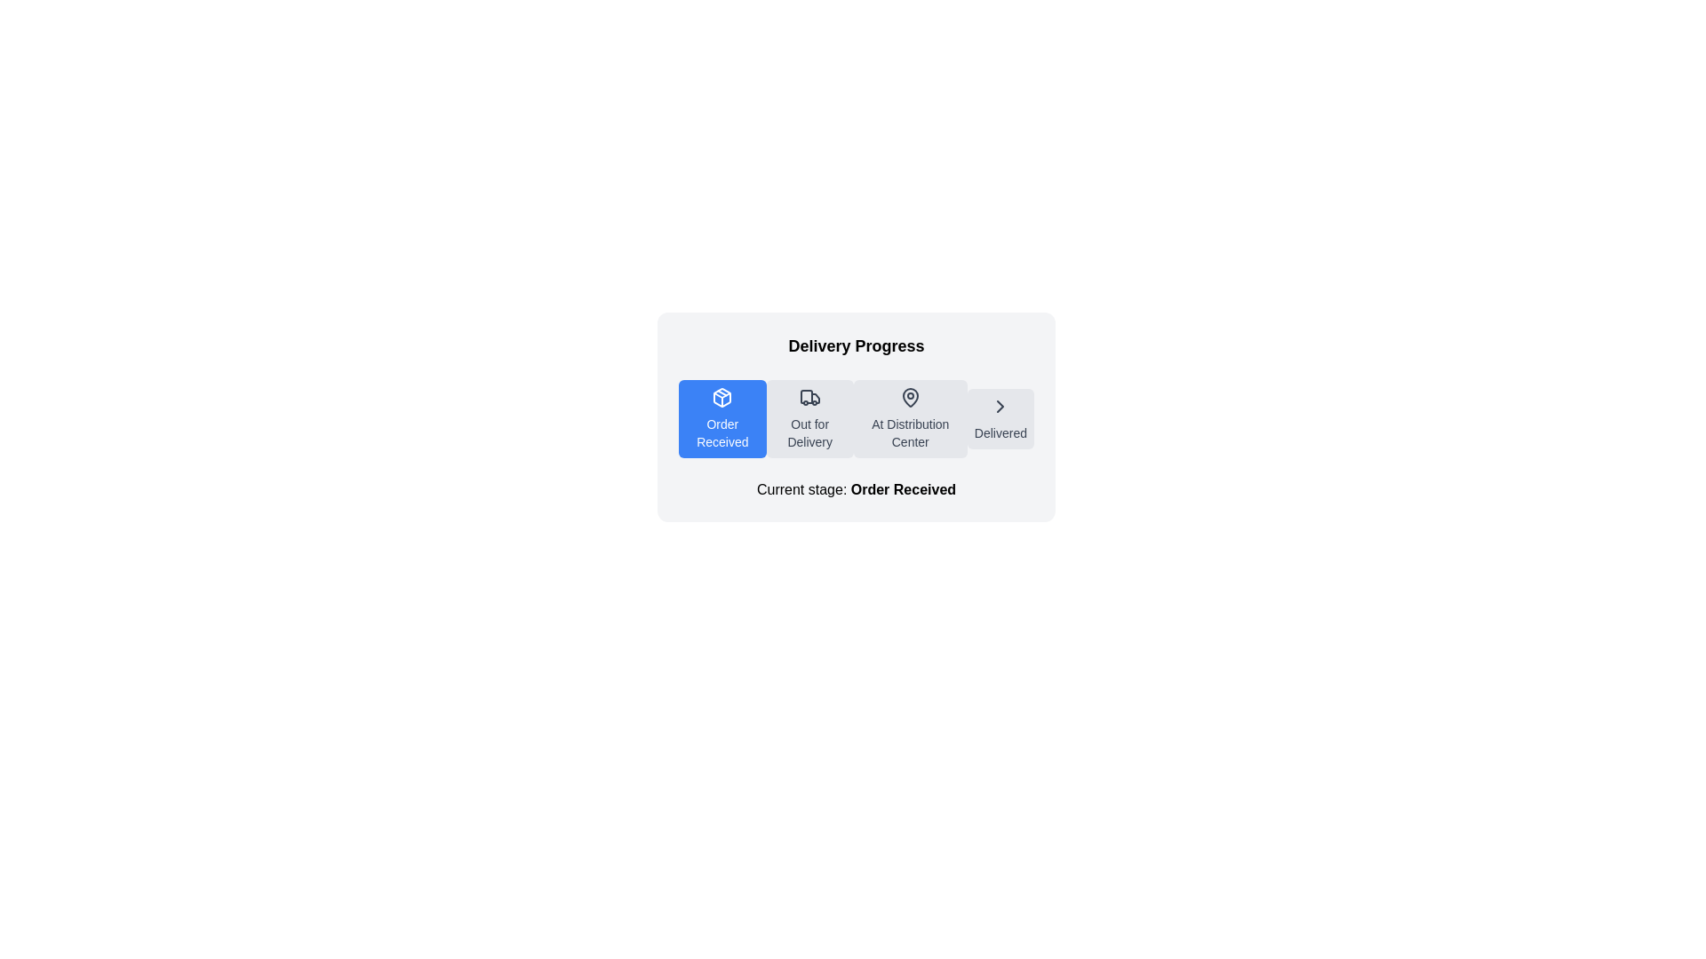  What do you see at coordinates (809, 418) in the screenshot?
I see `the 'Out for Delivery' label with an indicative icon, which represents the current status in a delivery progress tracker. This element is styled as a button for visual grouping and is located between 'Order Received' and 'At Distribution Center'` at bounding box center [809, 418].